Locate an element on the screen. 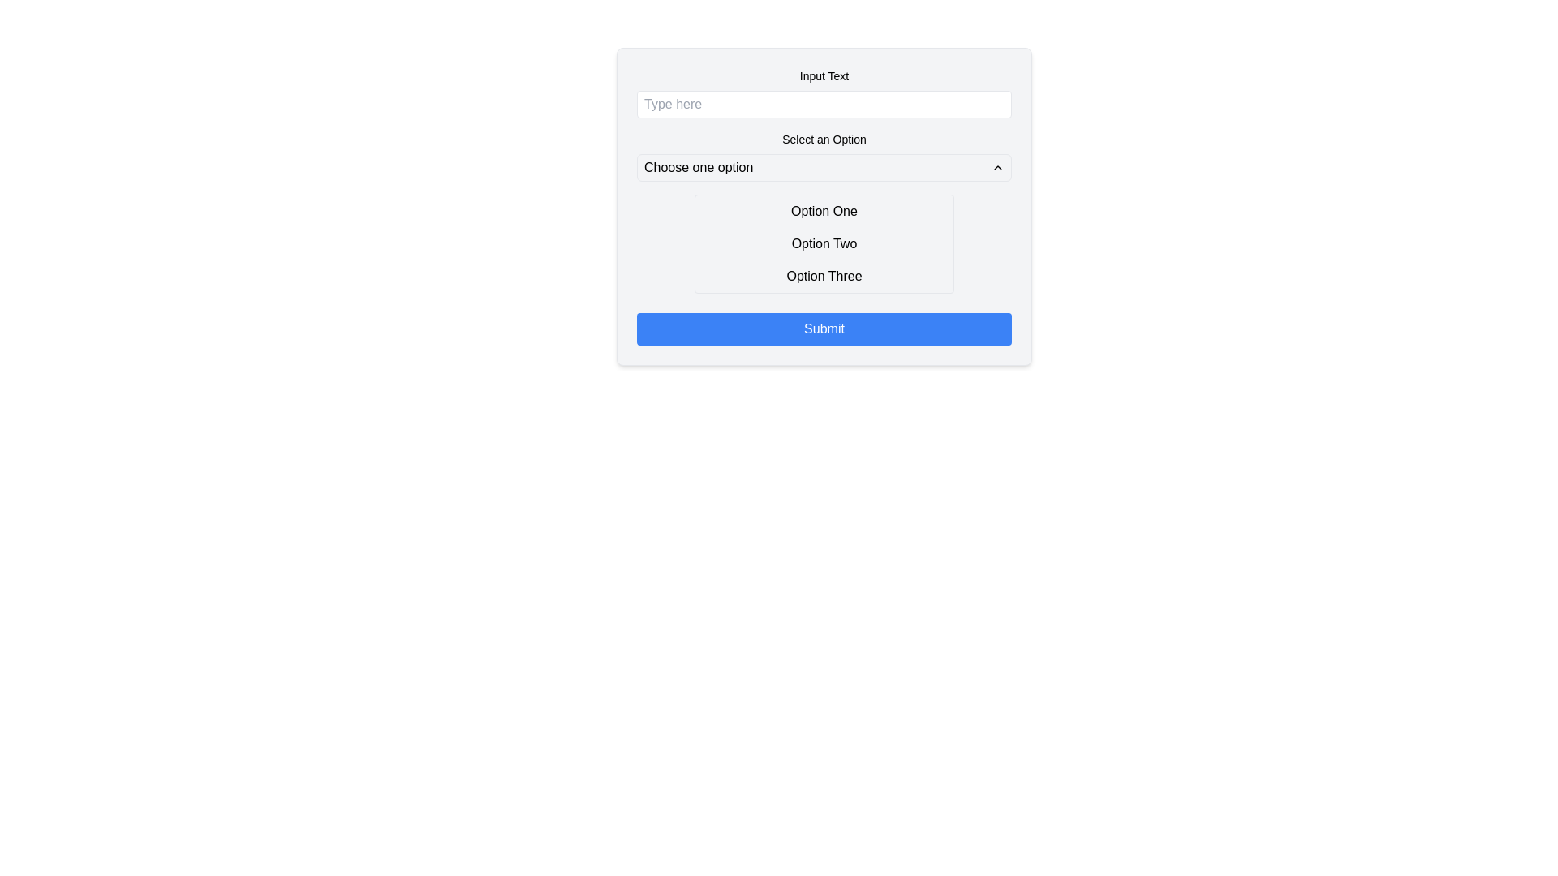 This screenshot has width=1558, height=876. the dropdown menu located below the 'Select an Option' label for keyboard navigation is located at coordinates (824, 168).